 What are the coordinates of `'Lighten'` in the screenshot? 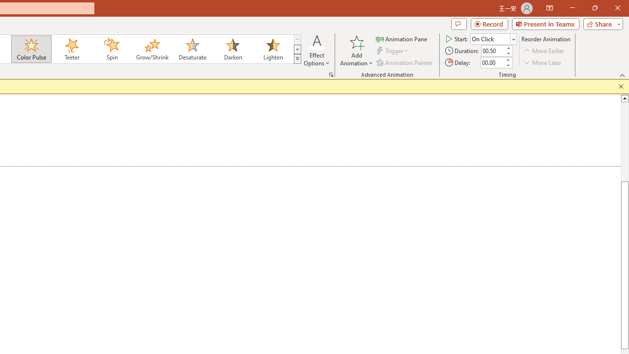 It's located at (273, 49).